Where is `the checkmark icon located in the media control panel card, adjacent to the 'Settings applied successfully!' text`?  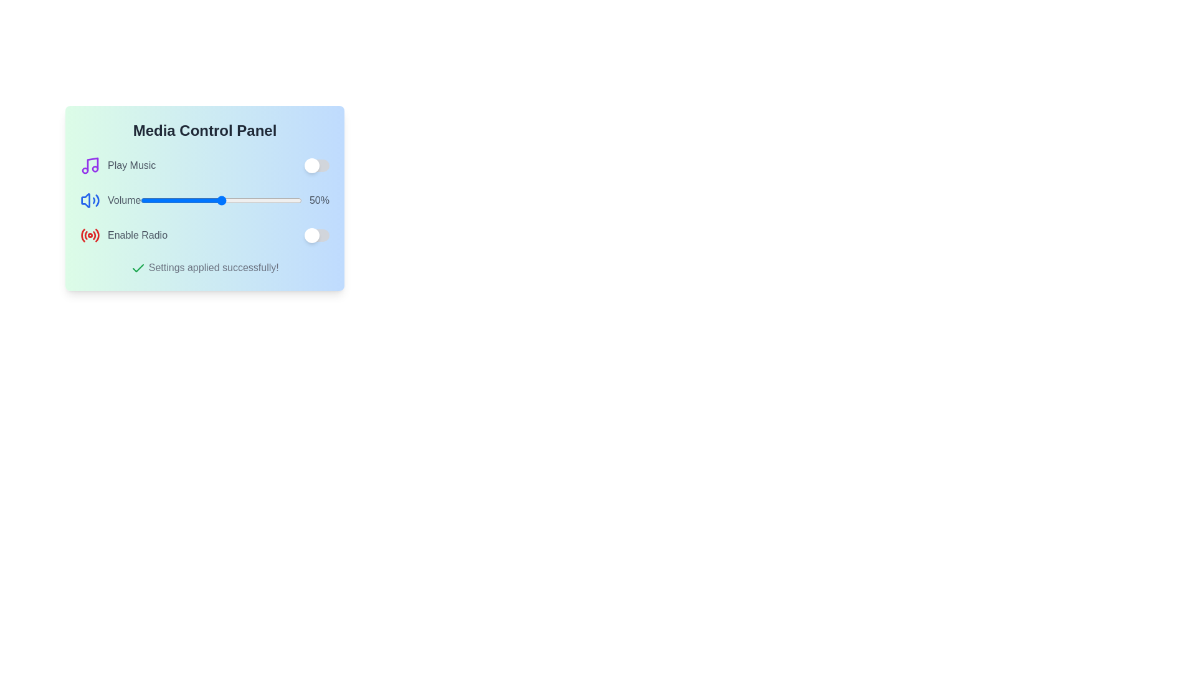 the checkmark icon located in the media control panel card, adjacent to the 'Settings applied successfully!' text is located at coordinates (138, 267).